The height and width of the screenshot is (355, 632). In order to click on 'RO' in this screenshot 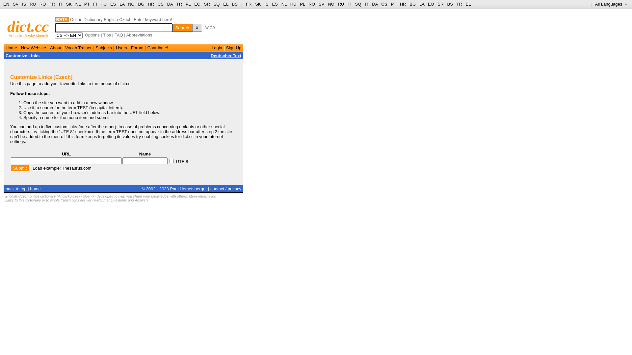, I will do `click(312, 4)`.